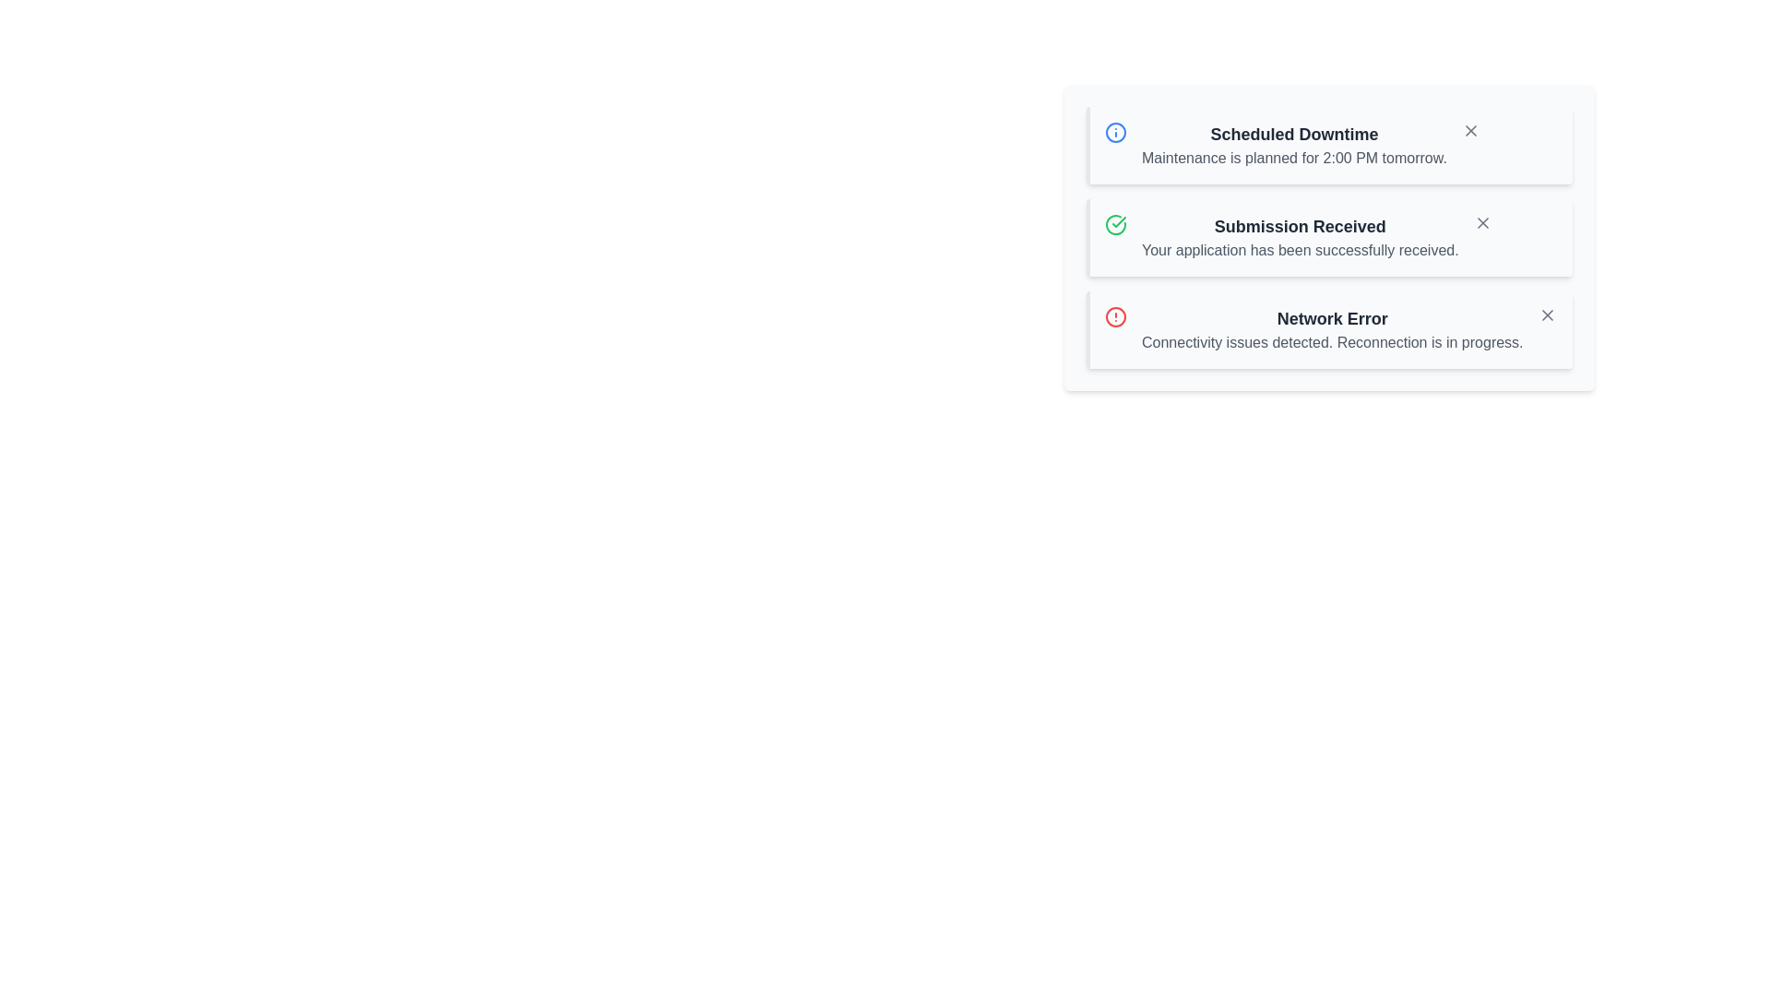 This screenshot has height=996, width=1771. I want to click on static text indicating an error in the network, which is the headline within the notification card located at the bottom of a list of similar cards, so click(1332, 318).